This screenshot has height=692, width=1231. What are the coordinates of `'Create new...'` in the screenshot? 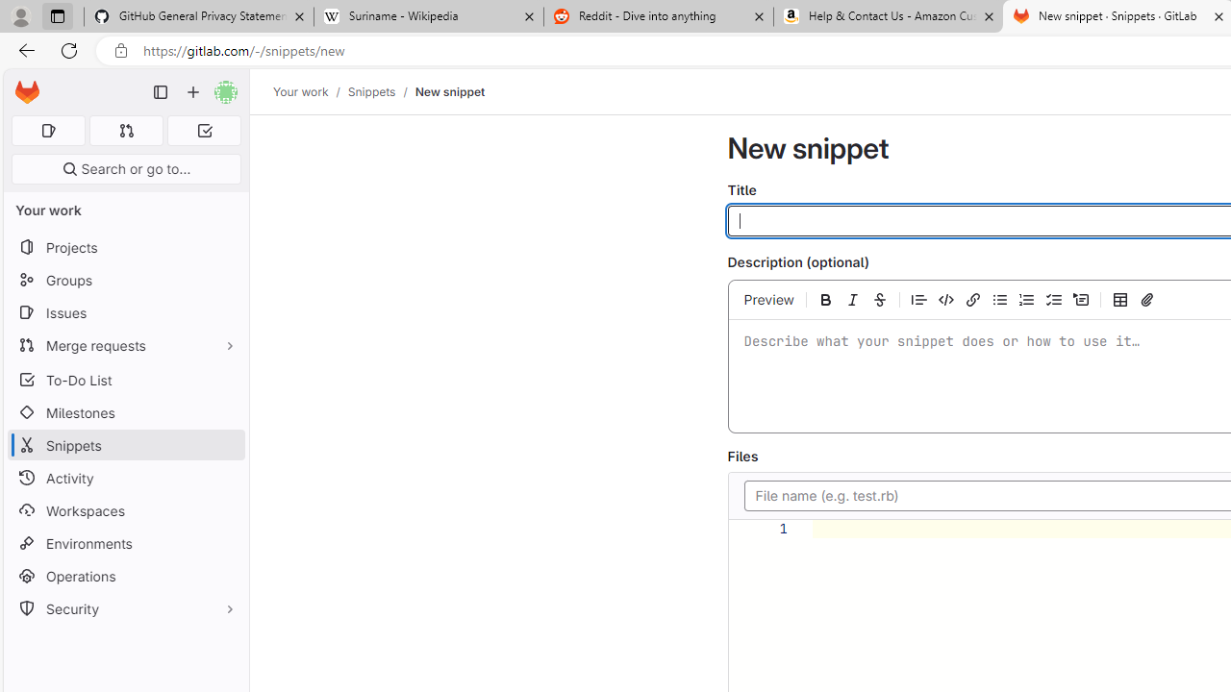 It's located at (193, 92).